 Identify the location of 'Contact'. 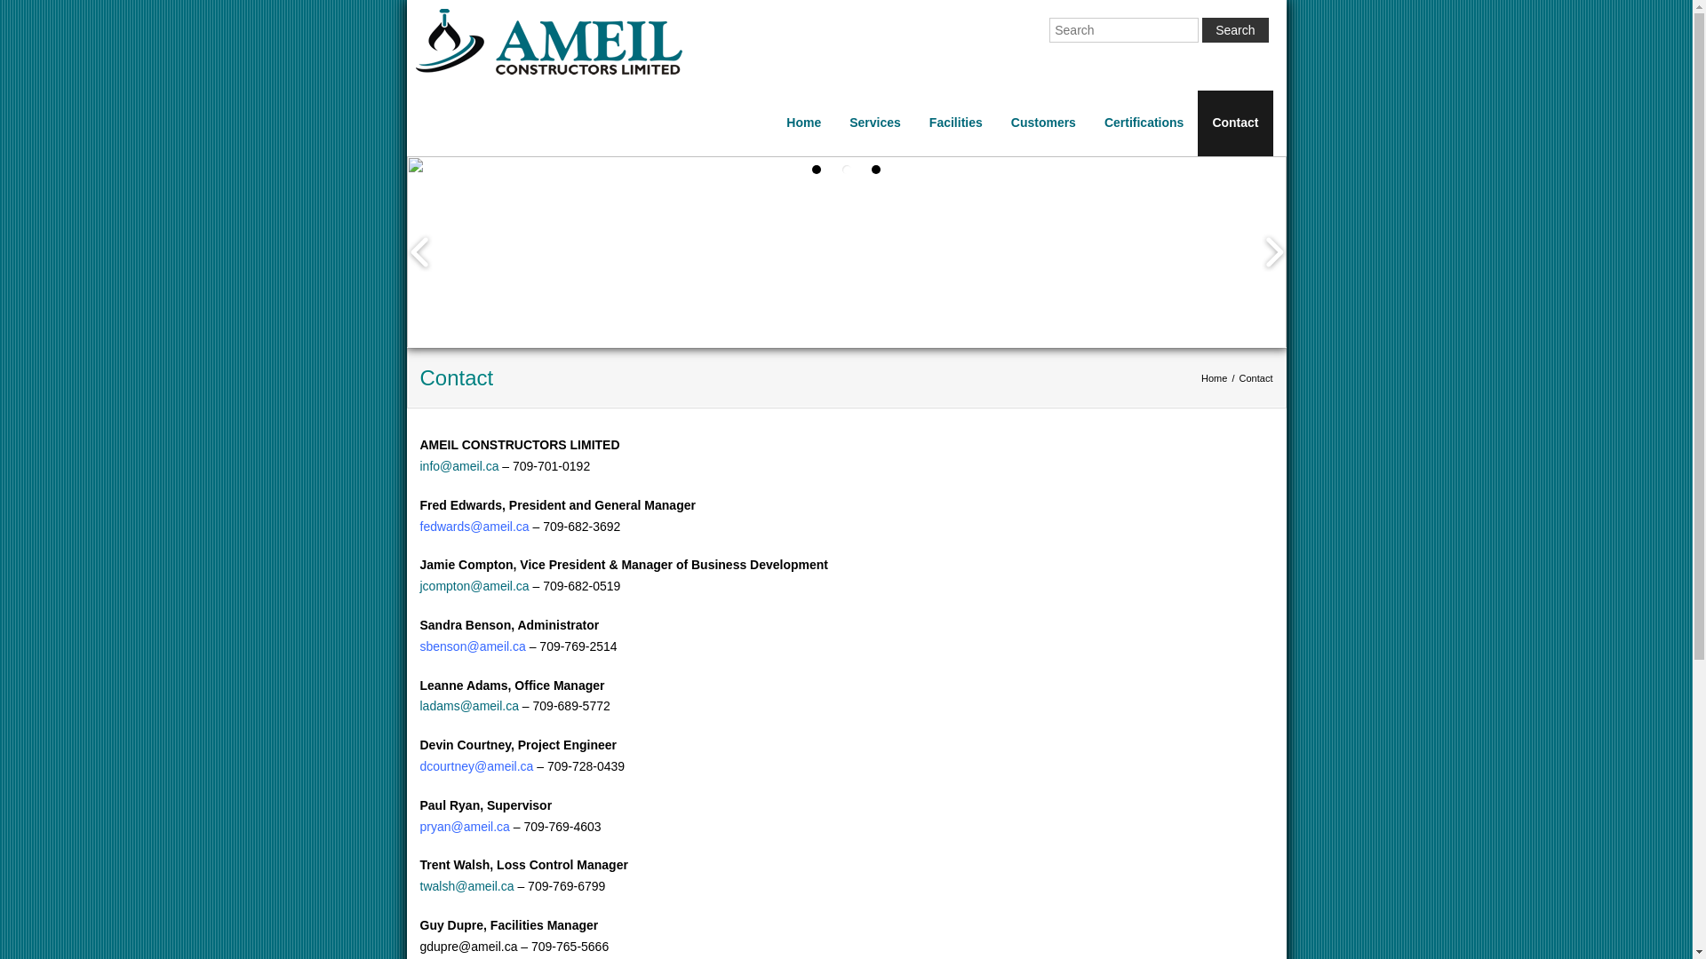
(1234, 122).